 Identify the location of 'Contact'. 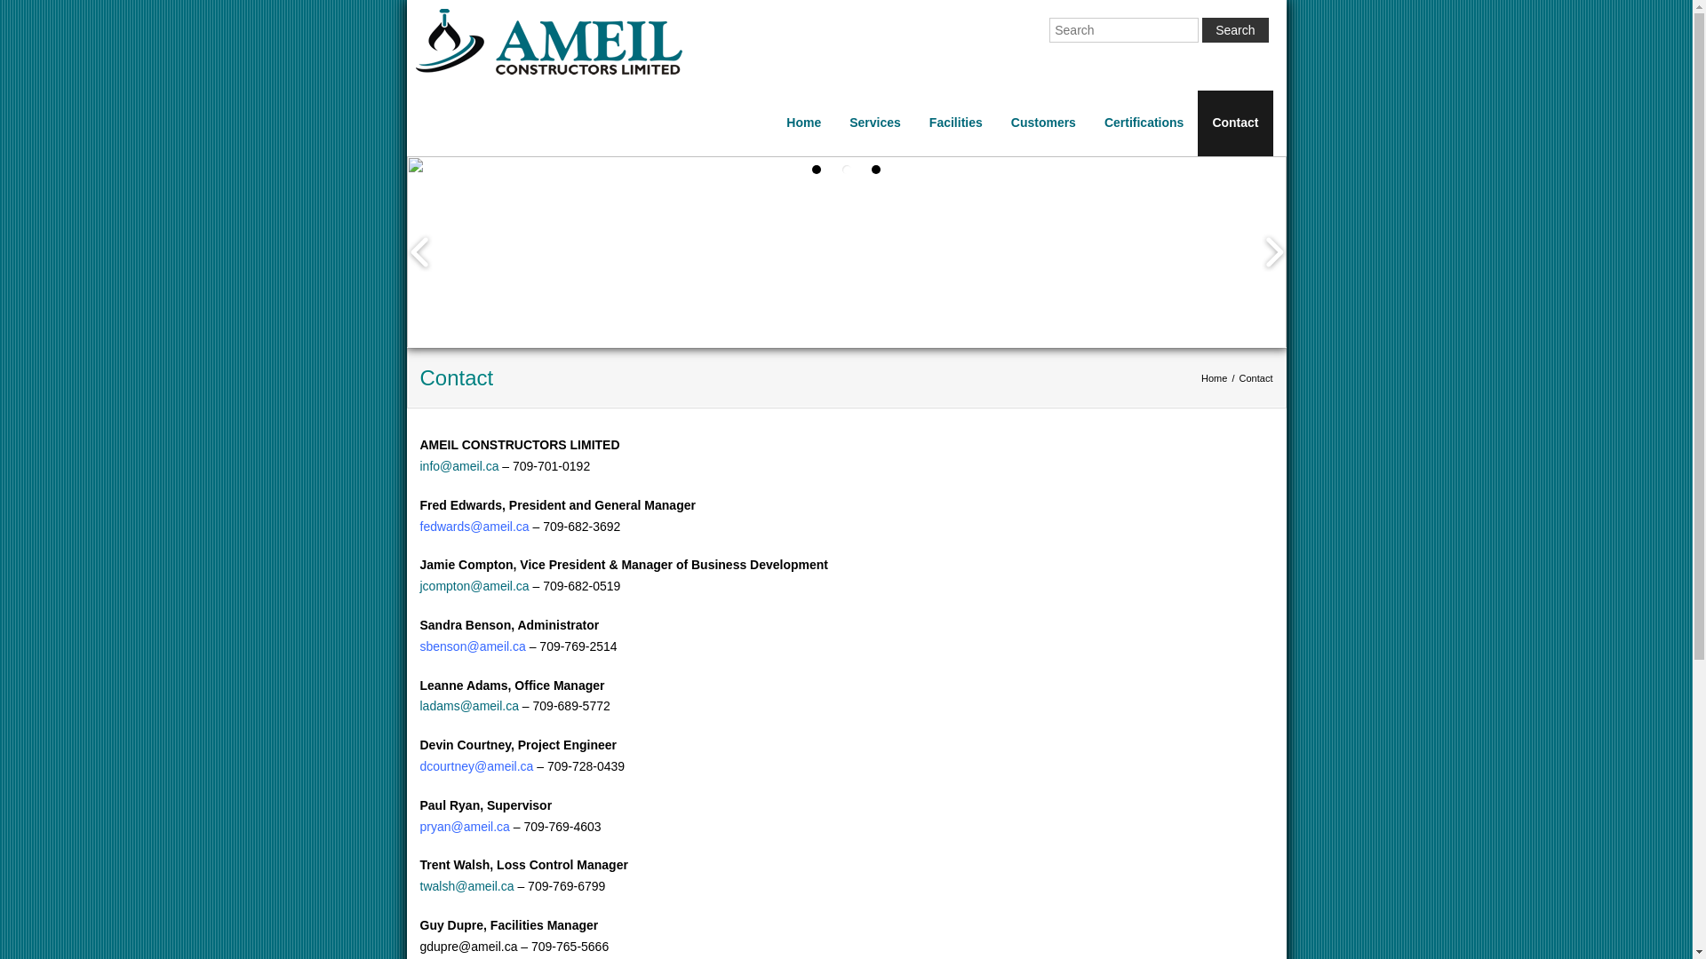
(1234, 122).